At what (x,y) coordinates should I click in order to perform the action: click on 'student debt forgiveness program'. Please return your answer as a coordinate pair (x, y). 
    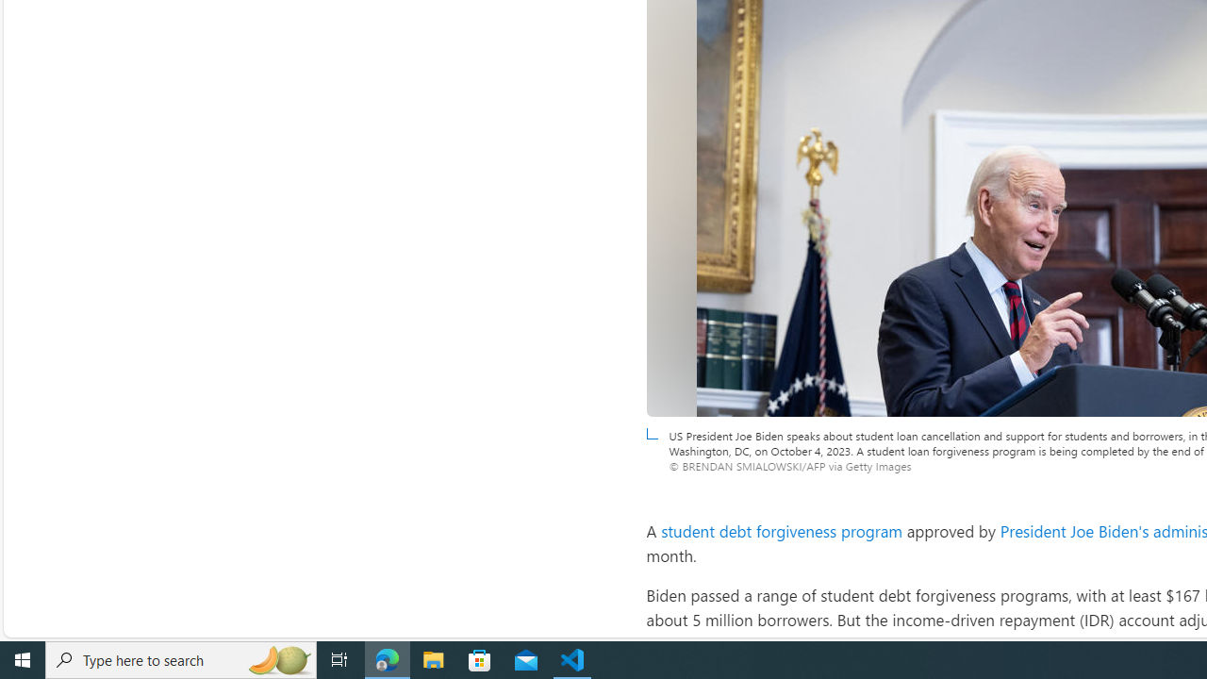
    Looking at the image, I should click on (782, 531).